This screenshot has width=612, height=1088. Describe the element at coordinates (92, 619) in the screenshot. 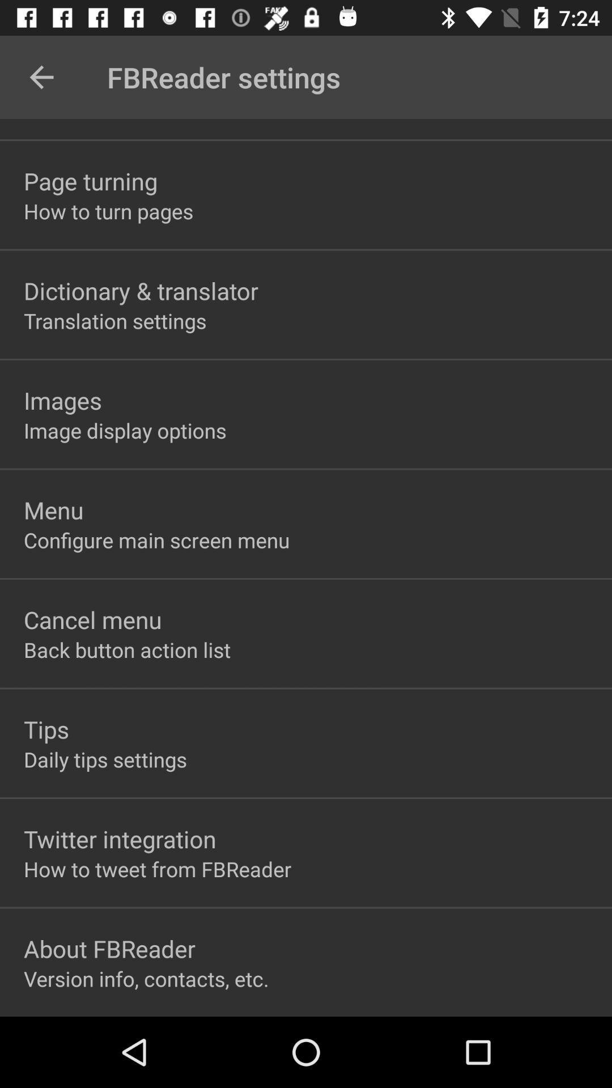

I see `item below the configure main screen icon` at that location.